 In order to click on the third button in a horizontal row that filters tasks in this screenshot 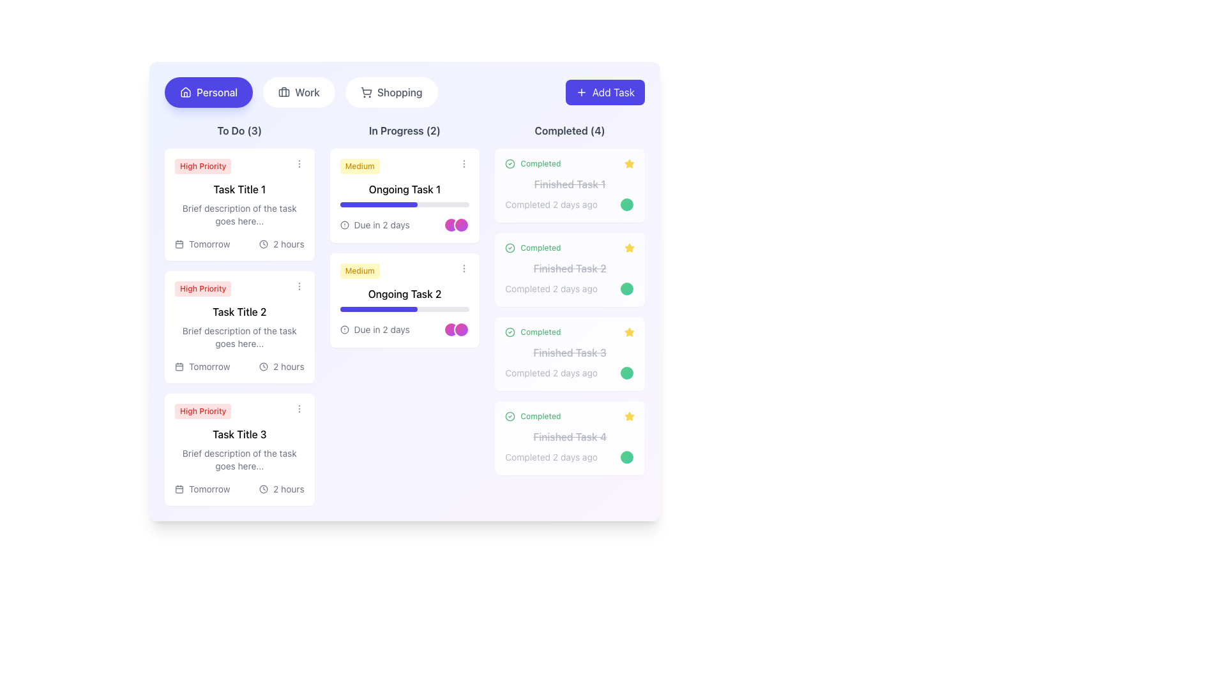, I will do `click(391, 92)`.